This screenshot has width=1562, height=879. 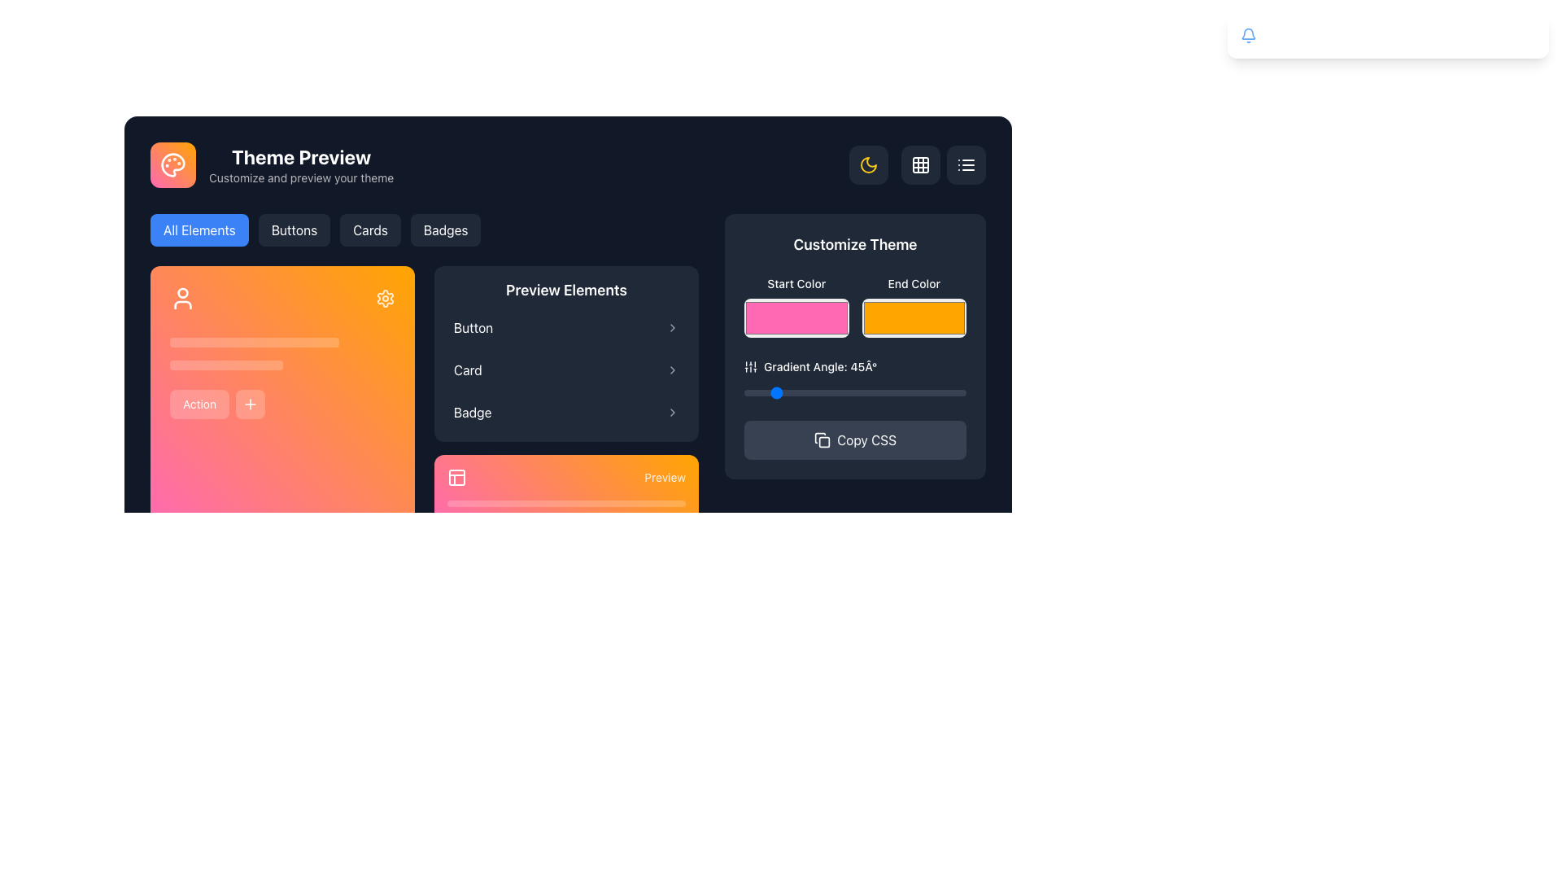 What do you see at coordinates (805, 392) in the screenshot?
I see `the slider value` at bounding box center [805, 392].